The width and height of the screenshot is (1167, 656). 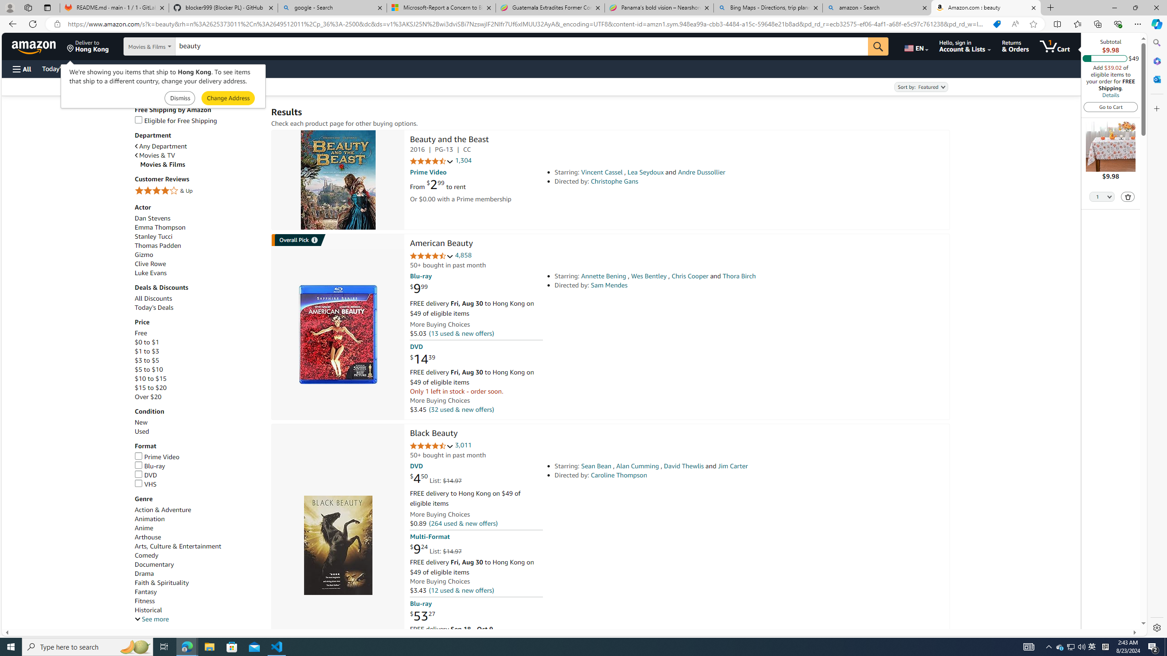 I want to click on 'Sean Bean', so click(x=596, y=466).